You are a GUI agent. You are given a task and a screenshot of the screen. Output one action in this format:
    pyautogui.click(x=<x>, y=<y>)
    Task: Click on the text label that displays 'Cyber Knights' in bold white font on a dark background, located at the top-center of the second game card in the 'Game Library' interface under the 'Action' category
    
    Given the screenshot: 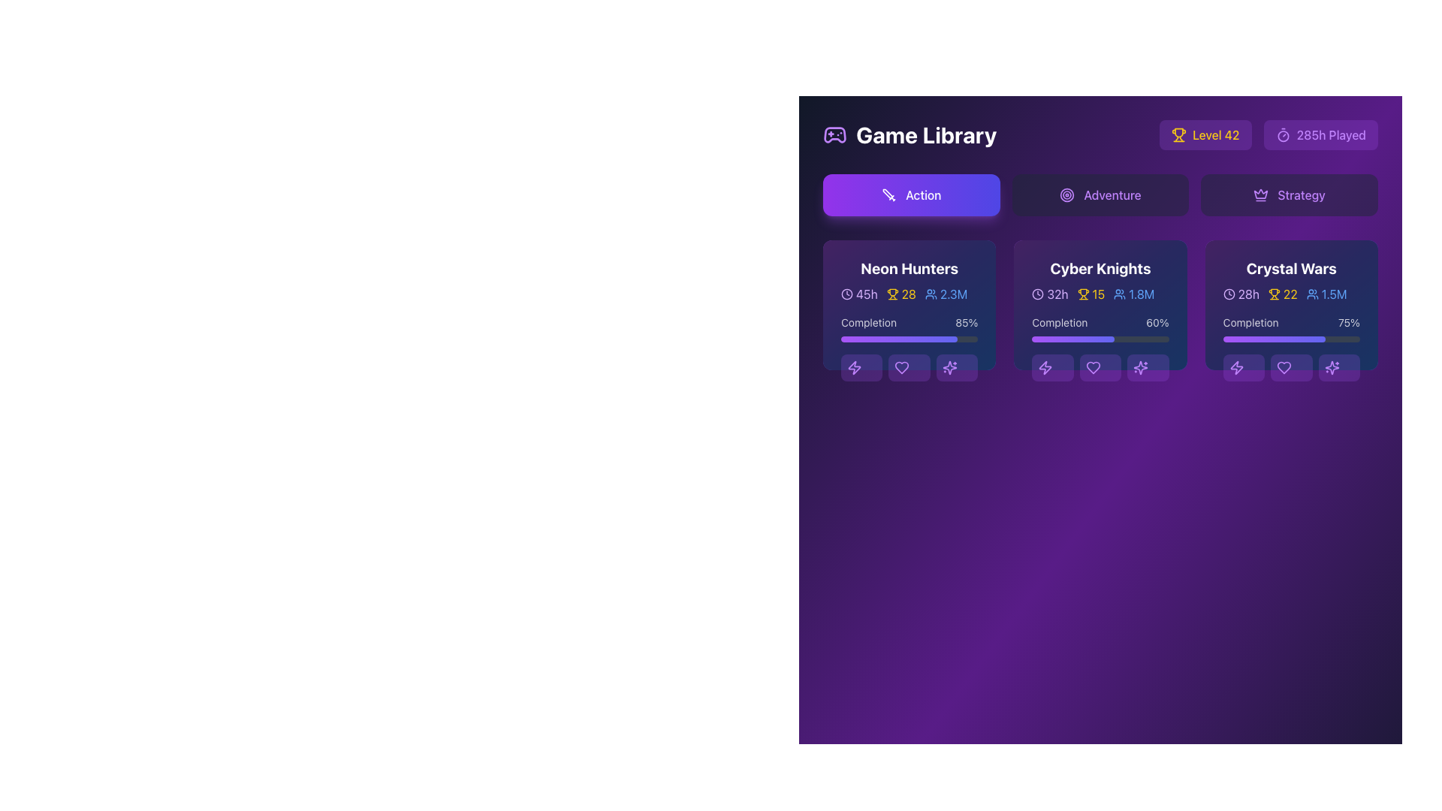 What is the action you would take?
    pyautogui.click(x=1100, y=268)
    